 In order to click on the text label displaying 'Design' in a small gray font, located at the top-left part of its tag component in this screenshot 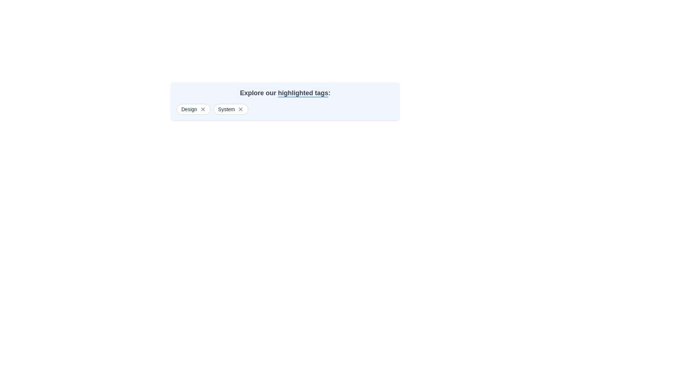, I will do `click(189, 109)`.